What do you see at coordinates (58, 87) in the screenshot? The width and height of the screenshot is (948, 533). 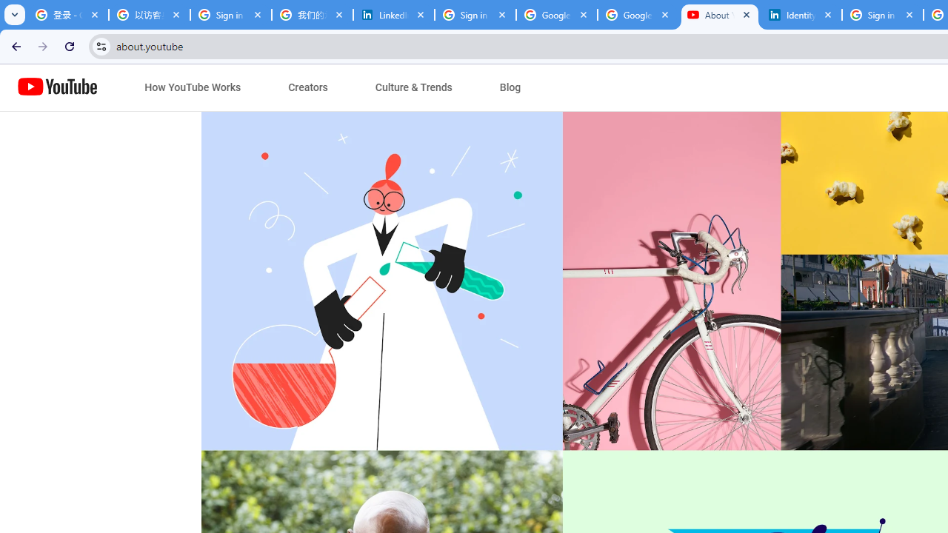 I see `'Home page link'` at bounding box center [58, 87].